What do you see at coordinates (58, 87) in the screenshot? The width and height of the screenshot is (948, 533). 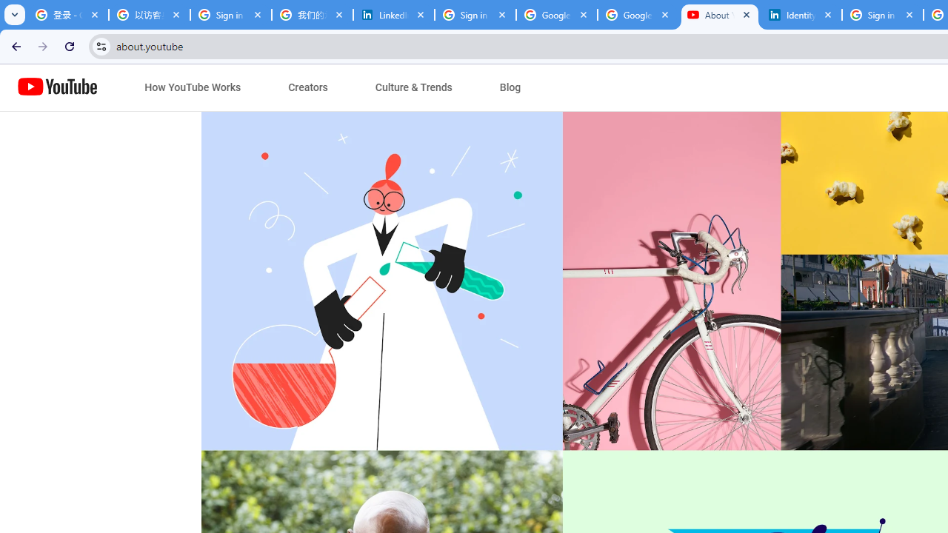 I see `'Home page link'` at bounding box center [58, 87].